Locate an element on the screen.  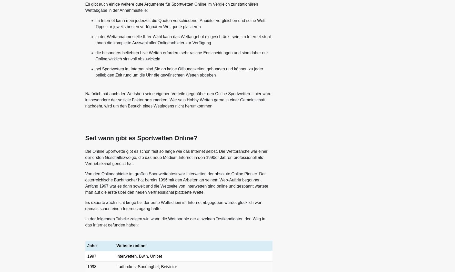
'Es dauerte auch nicht lange bis der erste Wettschein im Internet abgegeben wurde, glücklich wer damals schon einen Internetzugang hatte!' is located at coordinates (173, 205).